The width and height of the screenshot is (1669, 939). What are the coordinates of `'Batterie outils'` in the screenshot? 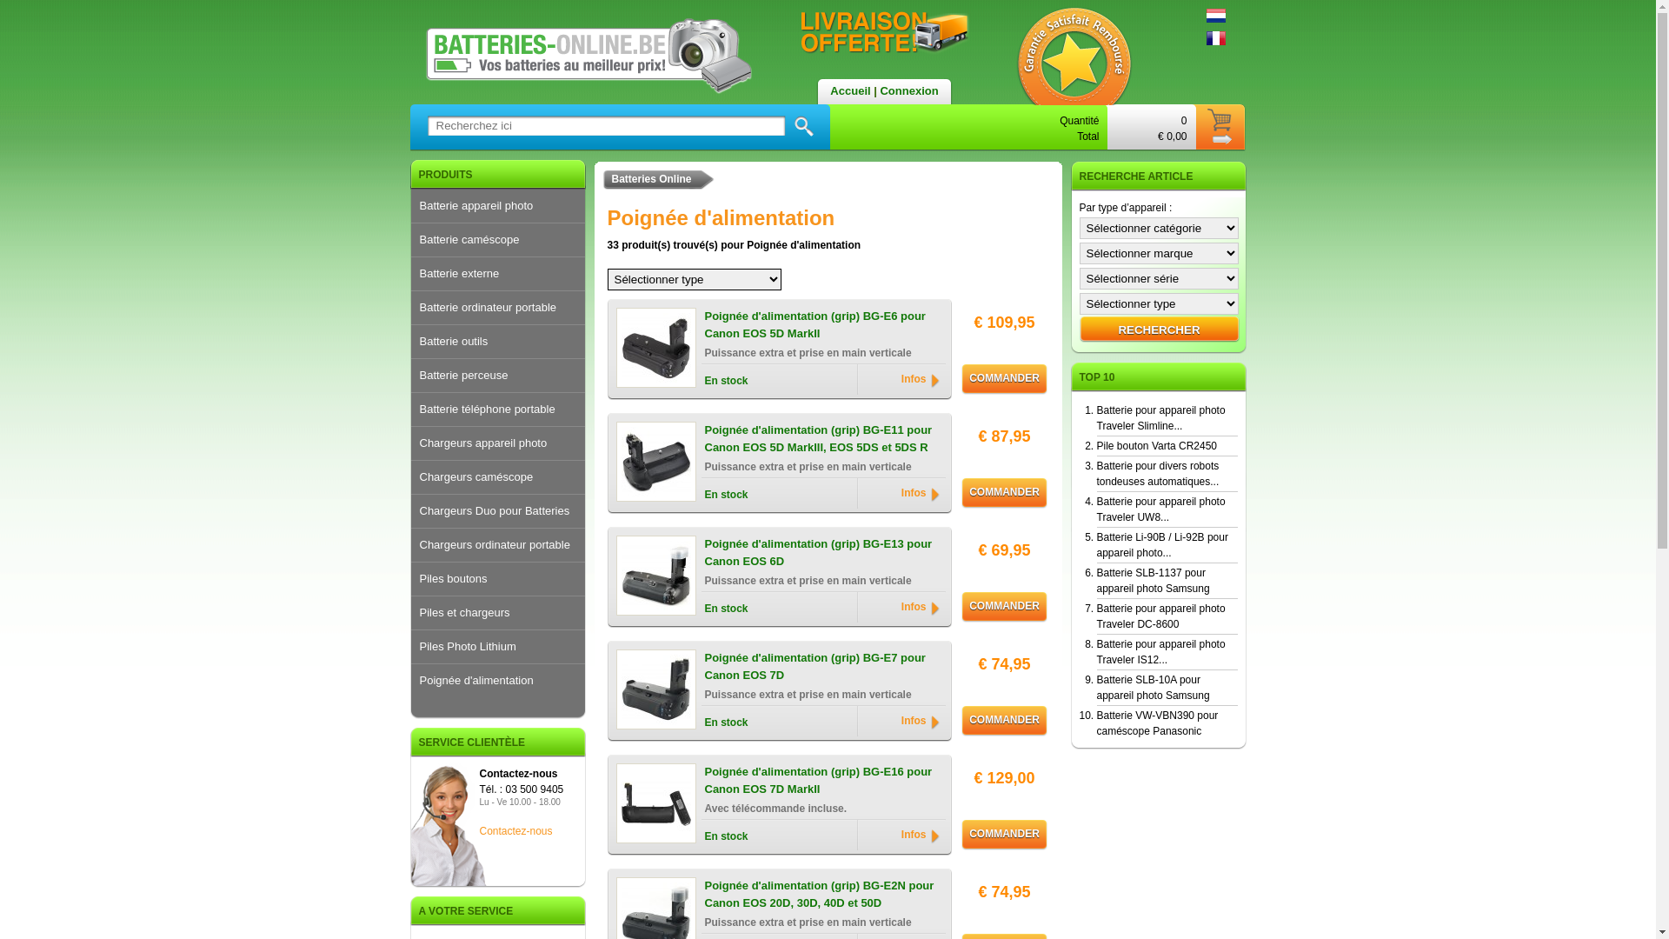 It's located at (409, 342).